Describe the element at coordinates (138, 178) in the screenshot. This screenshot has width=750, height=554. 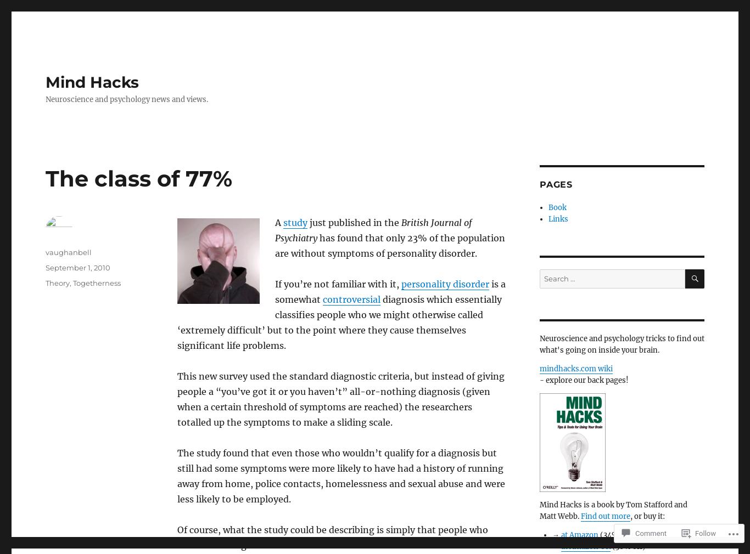
I see `'The class of 77%'` at that location.